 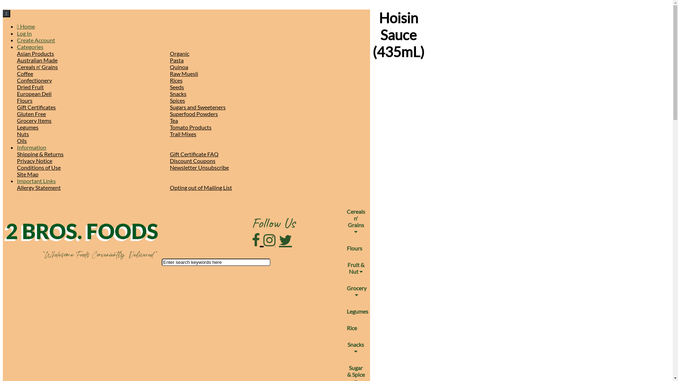 What do you see at coordinates (24, 33) in the screenshot?
I see `'Log In'` at bounding box center [24, 33].